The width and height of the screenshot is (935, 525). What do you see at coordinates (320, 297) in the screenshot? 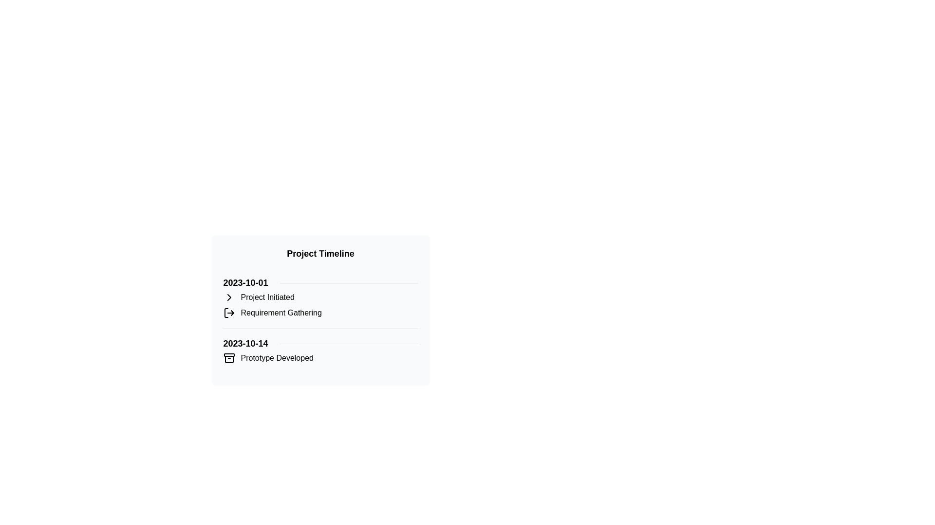
I see `the first list item under the heading '2023-10-01', which denotes a project phase or milestone, to gather more information` at bounding box center [320, 297].